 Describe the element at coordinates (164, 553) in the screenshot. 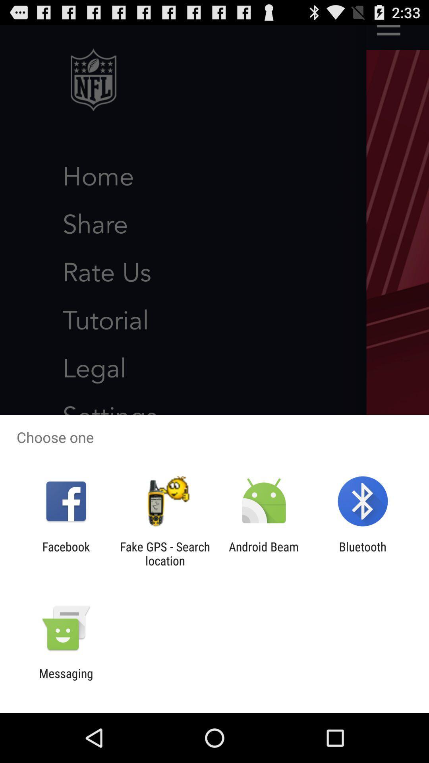

I see `the icon to the right of facebook item` at that location.